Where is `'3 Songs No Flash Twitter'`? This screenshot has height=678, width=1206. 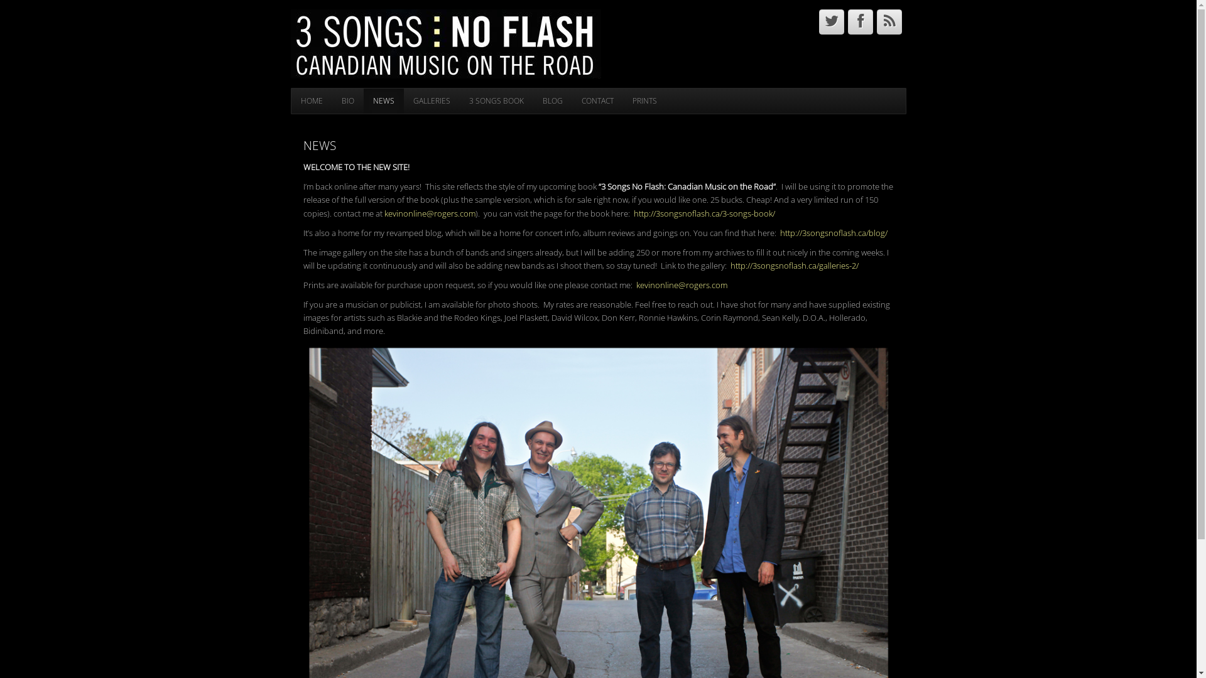 '3 Songs No Flash Twitter' is located at coordinates (832, 21).